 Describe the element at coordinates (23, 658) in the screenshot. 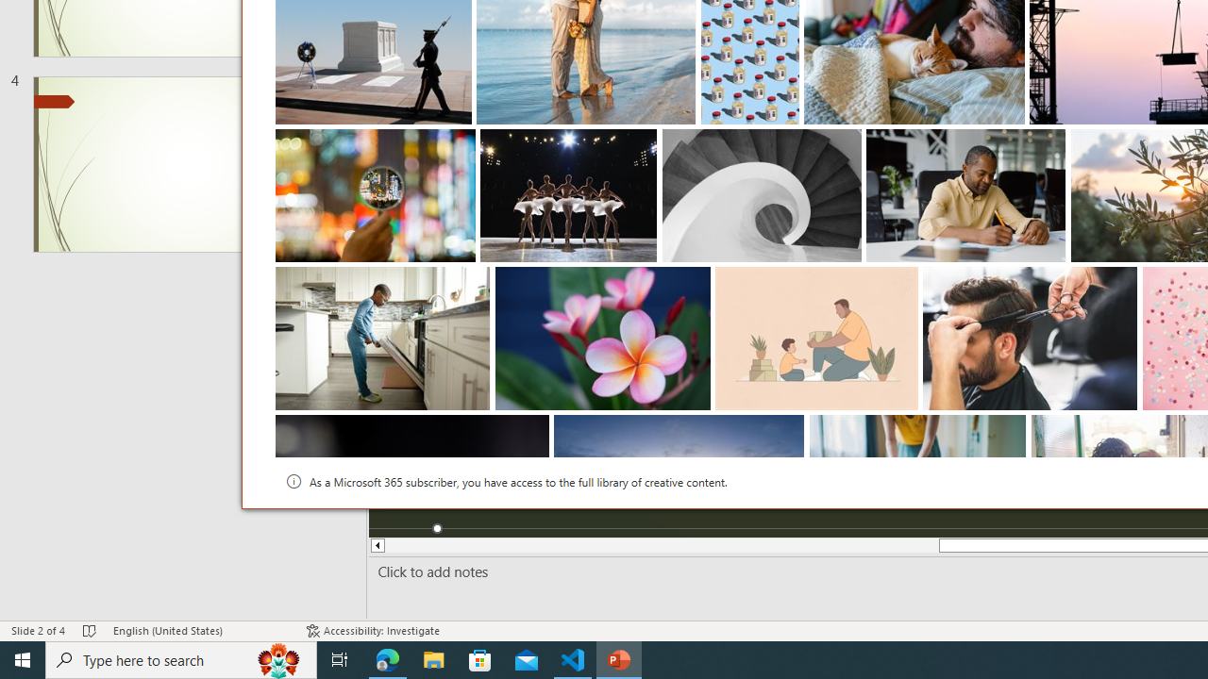

I see `'Start'` at that location.